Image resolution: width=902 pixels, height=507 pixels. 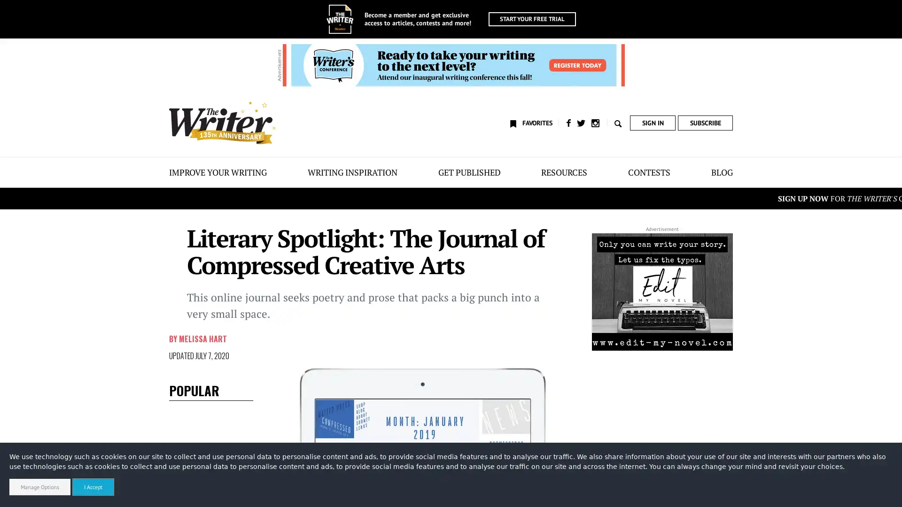 I want to click on I Accept, so click(x=93, y=486).